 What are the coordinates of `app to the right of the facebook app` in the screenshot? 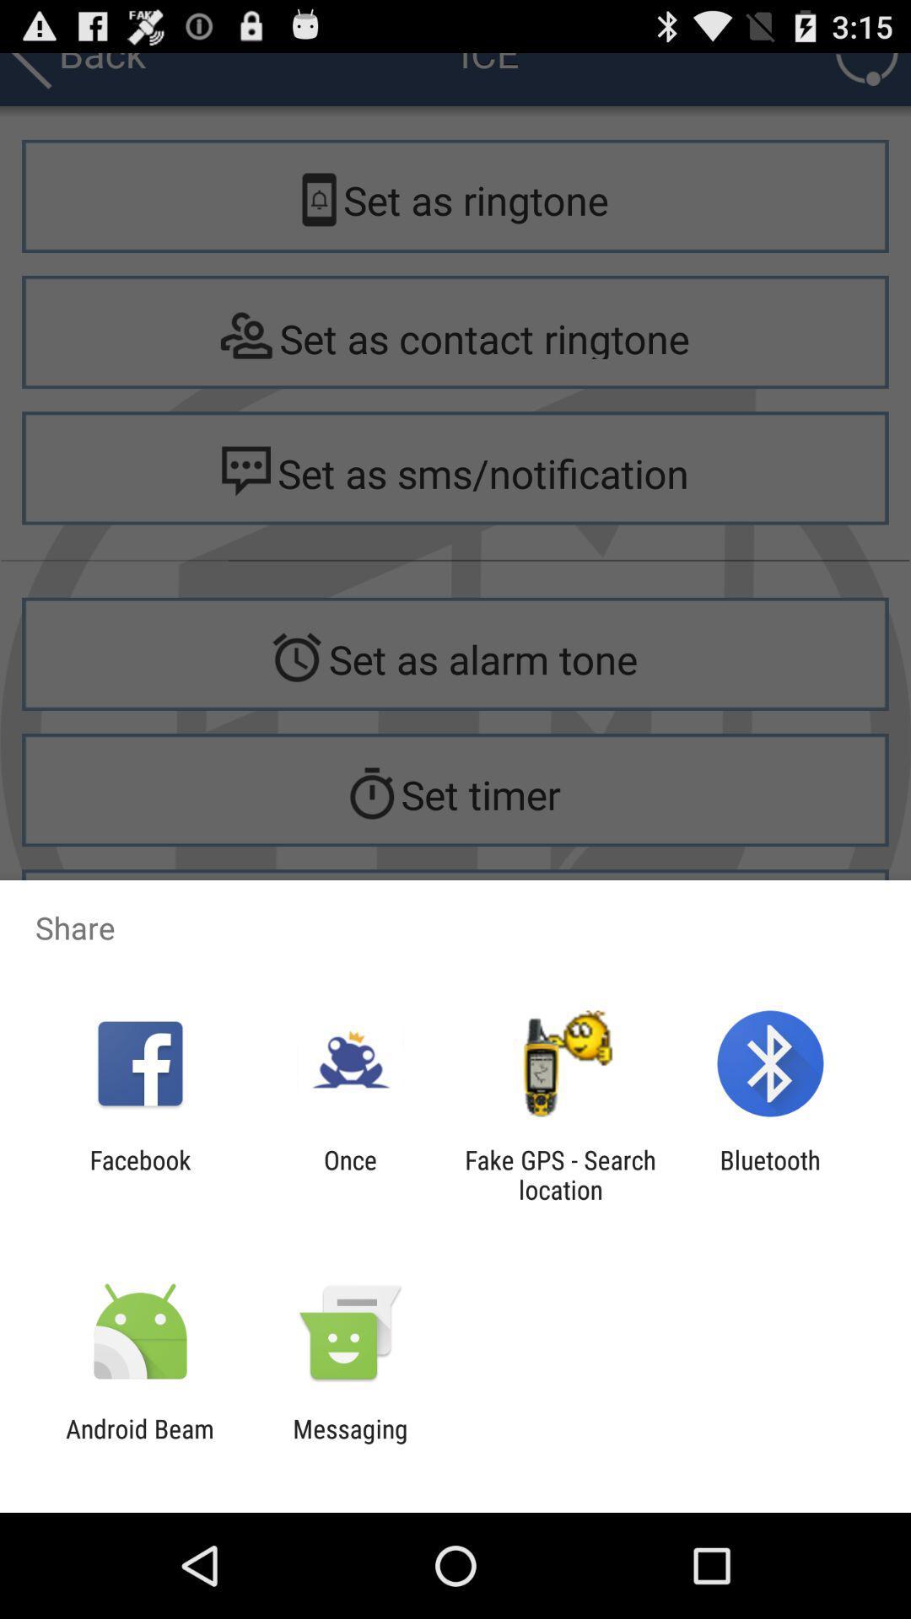 It's located at (349, 1174).